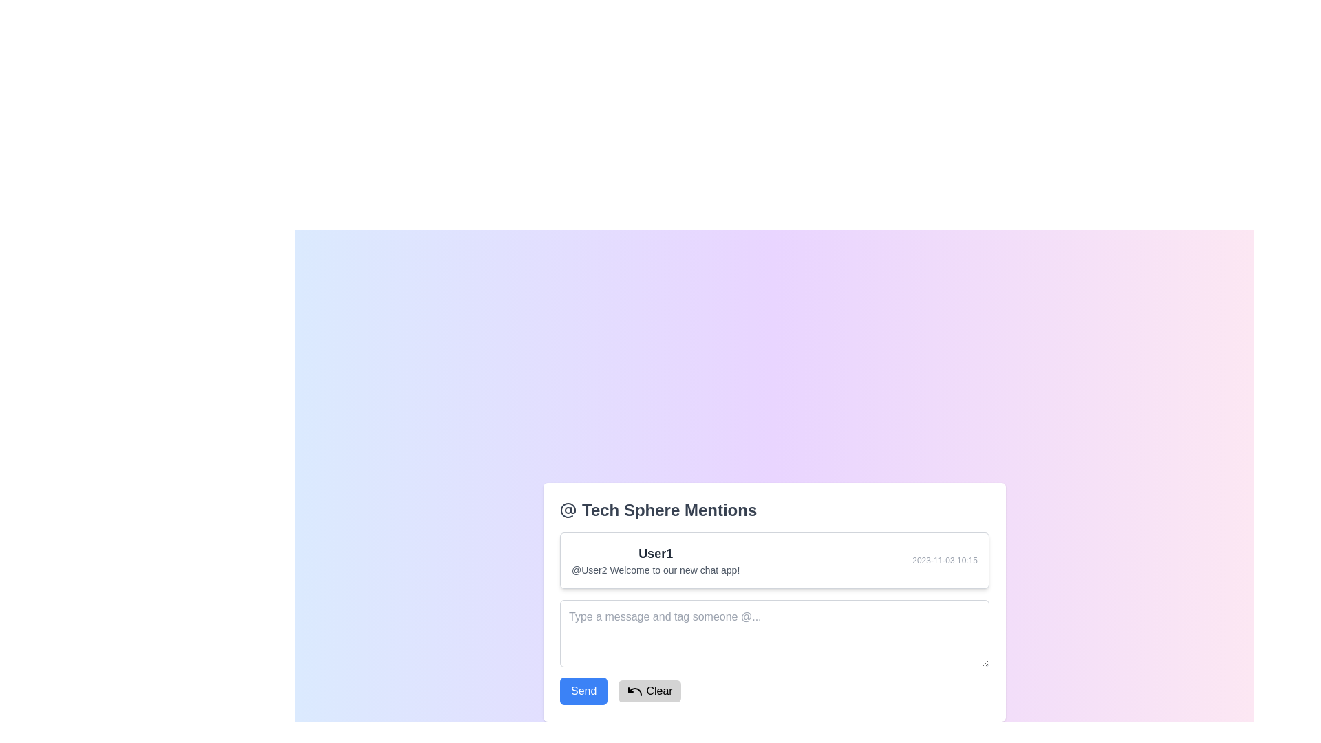  Describe the element at coordinates (634, 691) in the screenshot. I see `the undo icon located within the 'Clear' button, positioned on the left side of the button` at that location.